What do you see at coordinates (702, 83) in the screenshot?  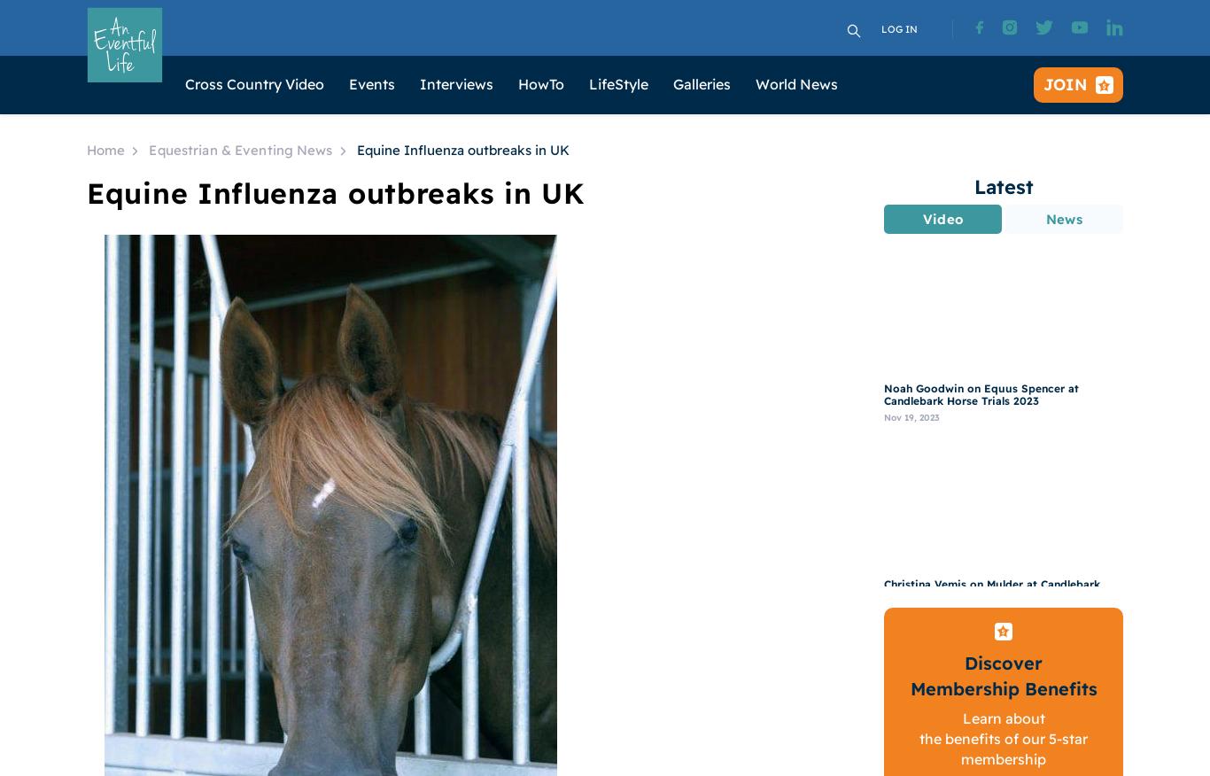 I see `'Galleries'` at bounding box center [702, 83].